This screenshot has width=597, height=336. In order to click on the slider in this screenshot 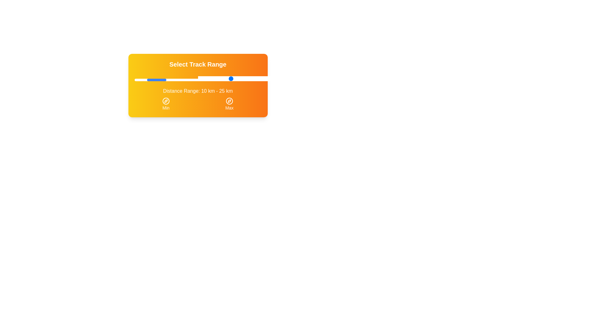, I will do `click(273, 78)`.